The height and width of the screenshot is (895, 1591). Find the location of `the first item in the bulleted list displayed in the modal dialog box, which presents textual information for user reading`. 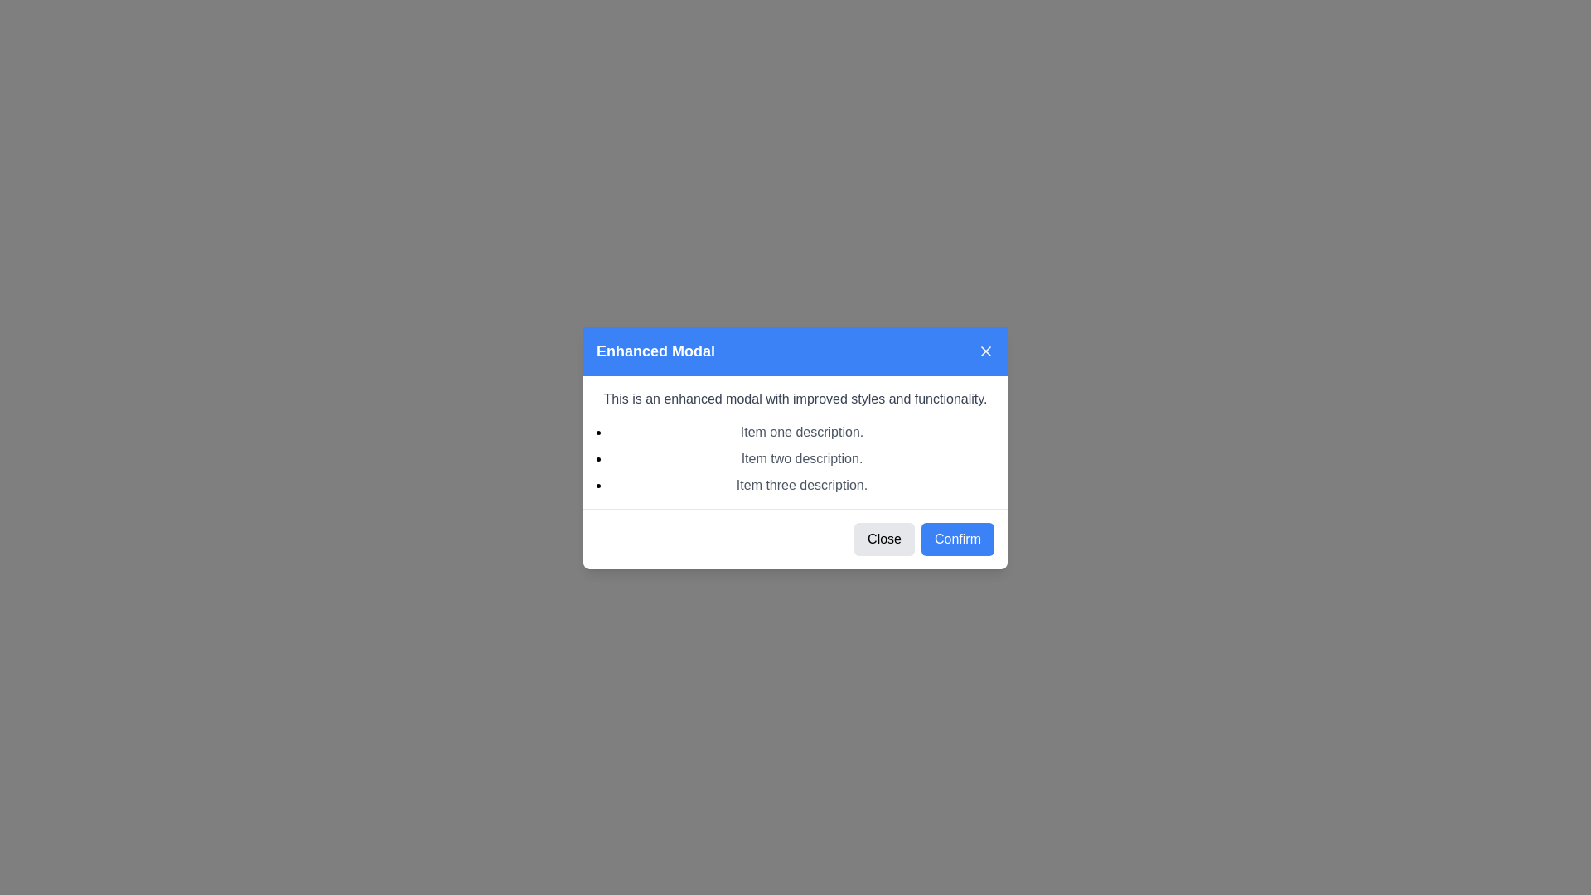

the first item in the bulleted list displayed in the modal dialog box, which presents textual information for user reading is located at coordinates (802, 431).